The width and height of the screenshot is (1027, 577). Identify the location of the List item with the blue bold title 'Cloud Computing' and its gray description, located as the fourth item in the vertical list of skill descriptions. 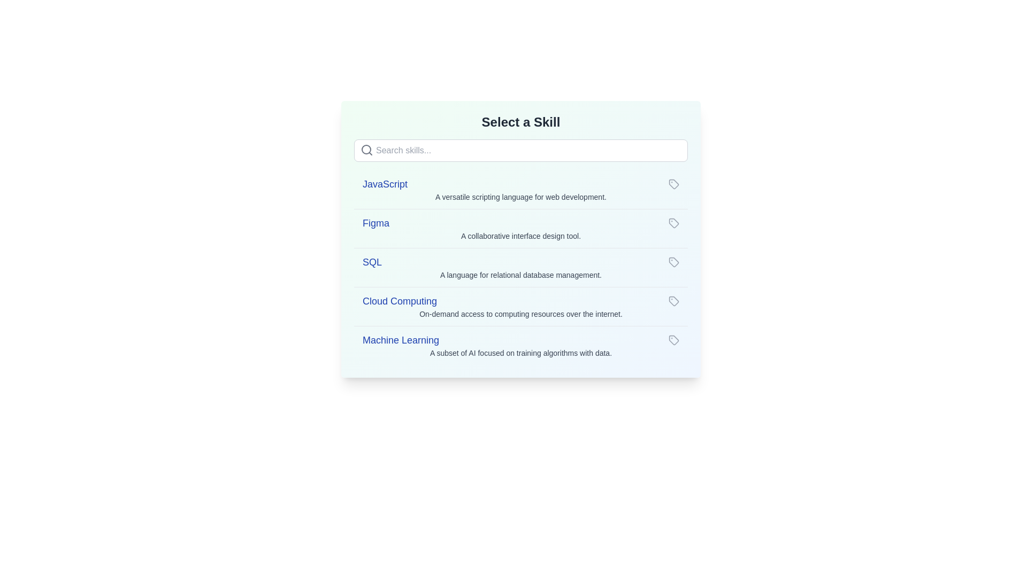
(521, 306).